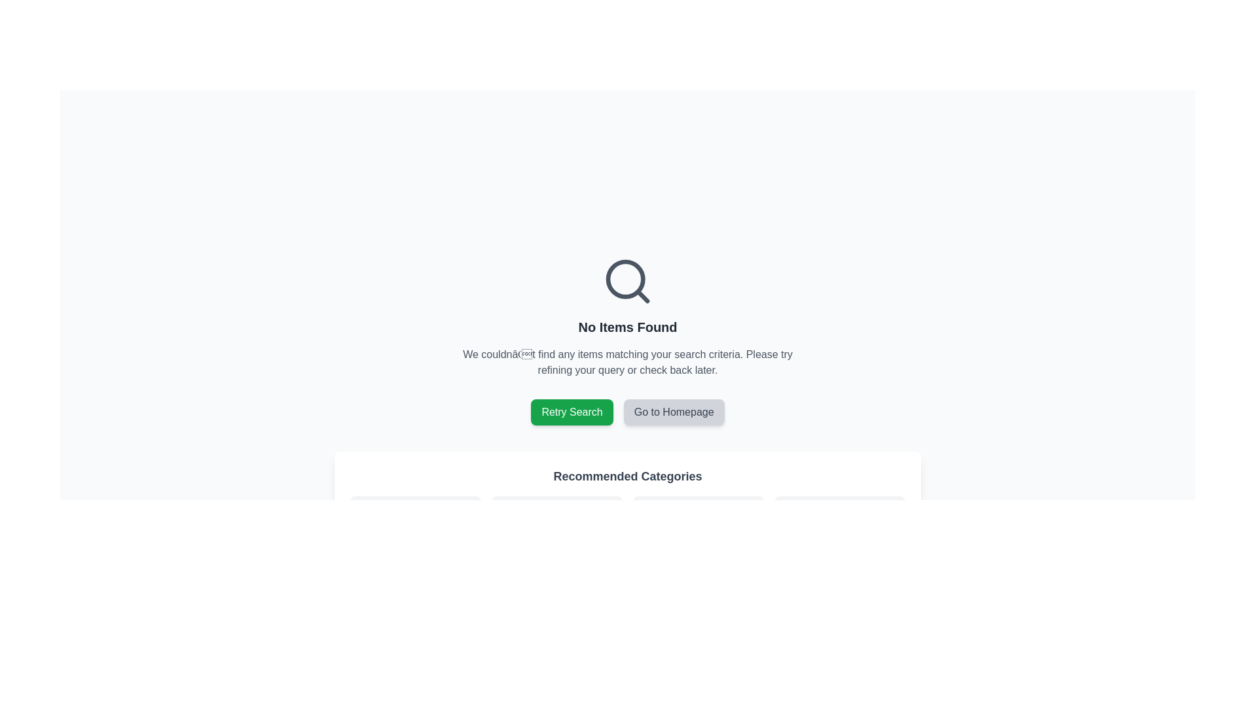 The height and width of the screenshot is (707, 1257). Describe the element at coordinates (414, 527) in the screenshot. I see `the 'Electronics' category card located in the top-left corner of the grid under 'Recommended Categories'` at that location.